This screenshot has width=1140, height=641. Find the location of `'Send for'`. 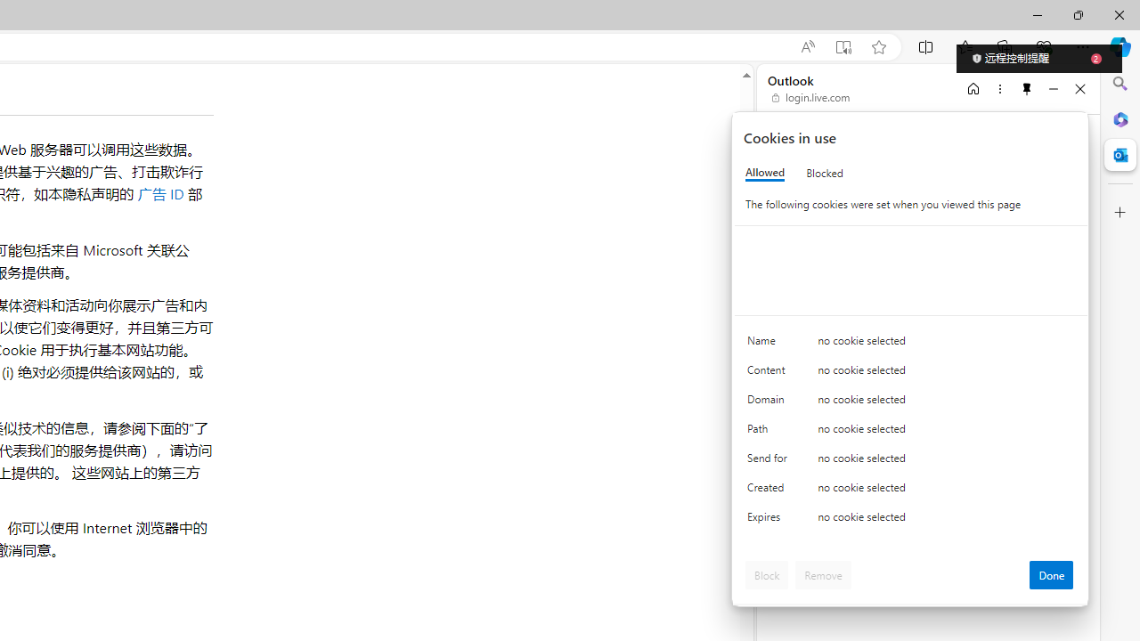

'Send for' is located at coordinates (770, 461).